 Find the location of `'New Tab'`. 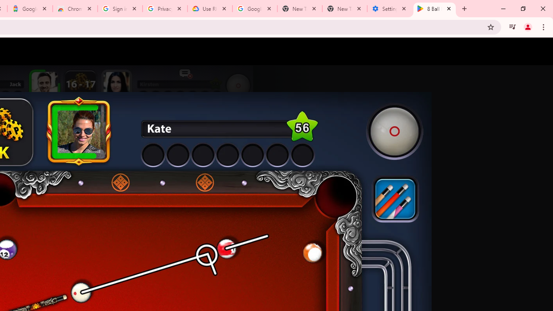

'New Tab' is located at coordinates (344, 9).